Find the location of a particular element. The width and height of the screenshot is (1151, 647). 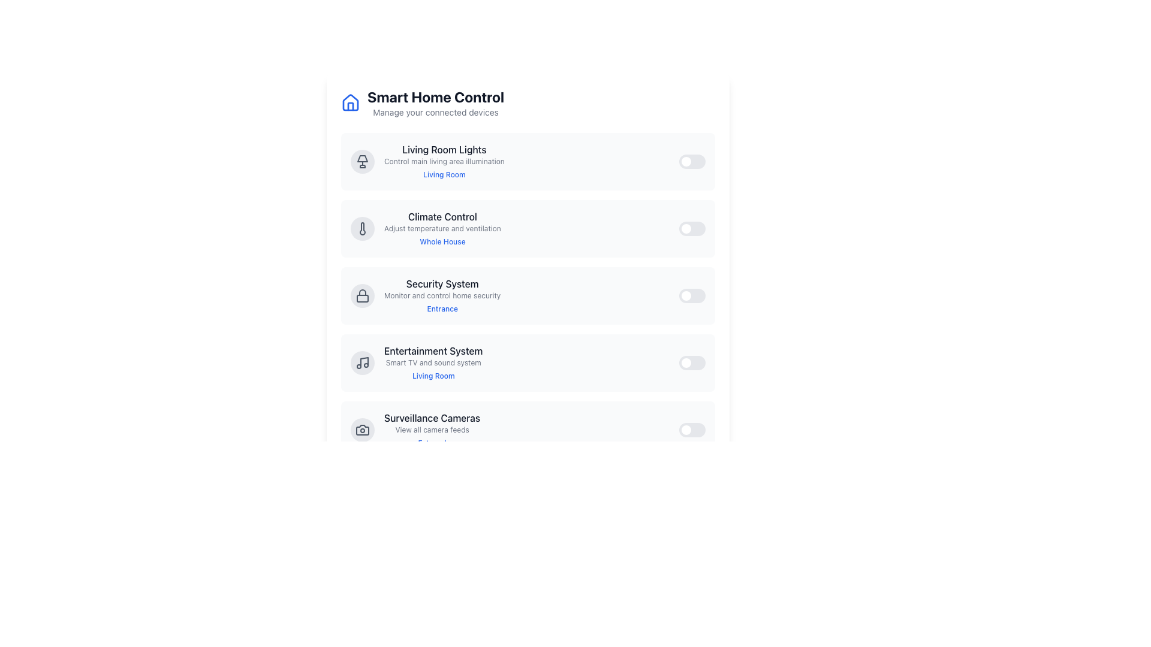

the 'External' link located within the control panel for the surveillance camera system, which is positioned below the 'Entertainment System' section is located at coordinates (528, 429).